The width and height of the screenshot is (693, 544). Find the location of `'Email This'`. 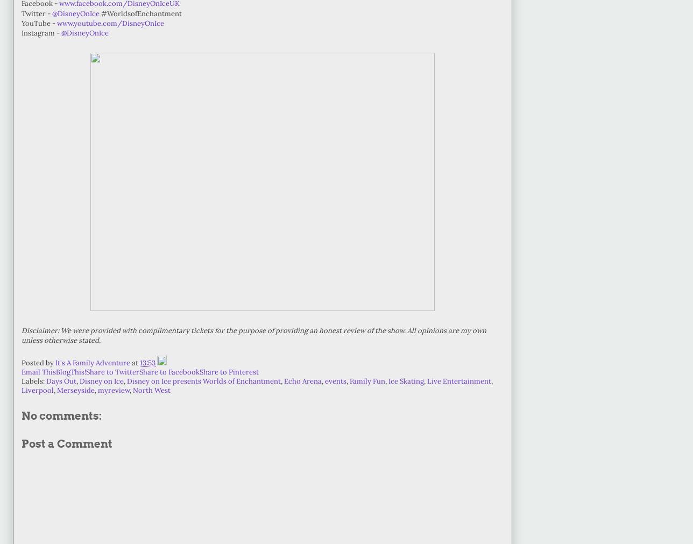

'Email This' is located at coordinates (38, 371).